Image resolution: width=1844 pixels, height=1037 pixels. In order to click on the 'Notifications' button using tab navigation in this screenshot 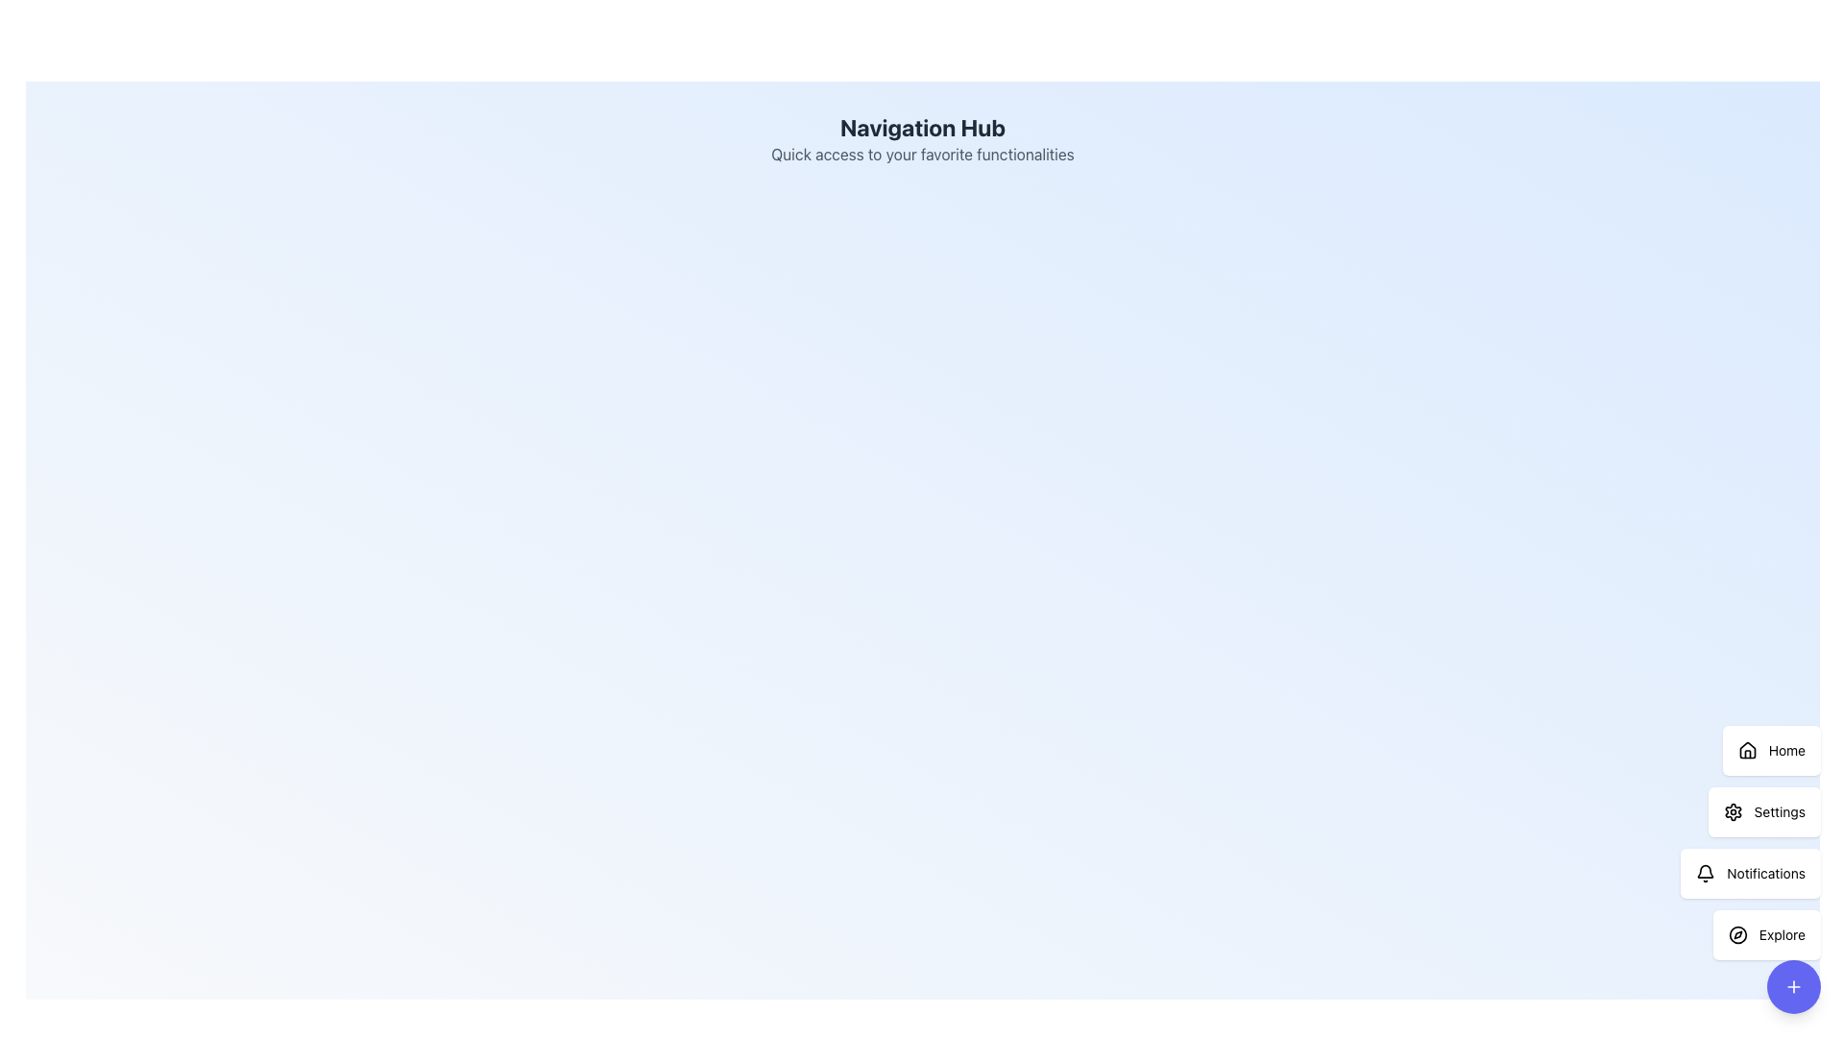, I will do `click(1751, 874)`.